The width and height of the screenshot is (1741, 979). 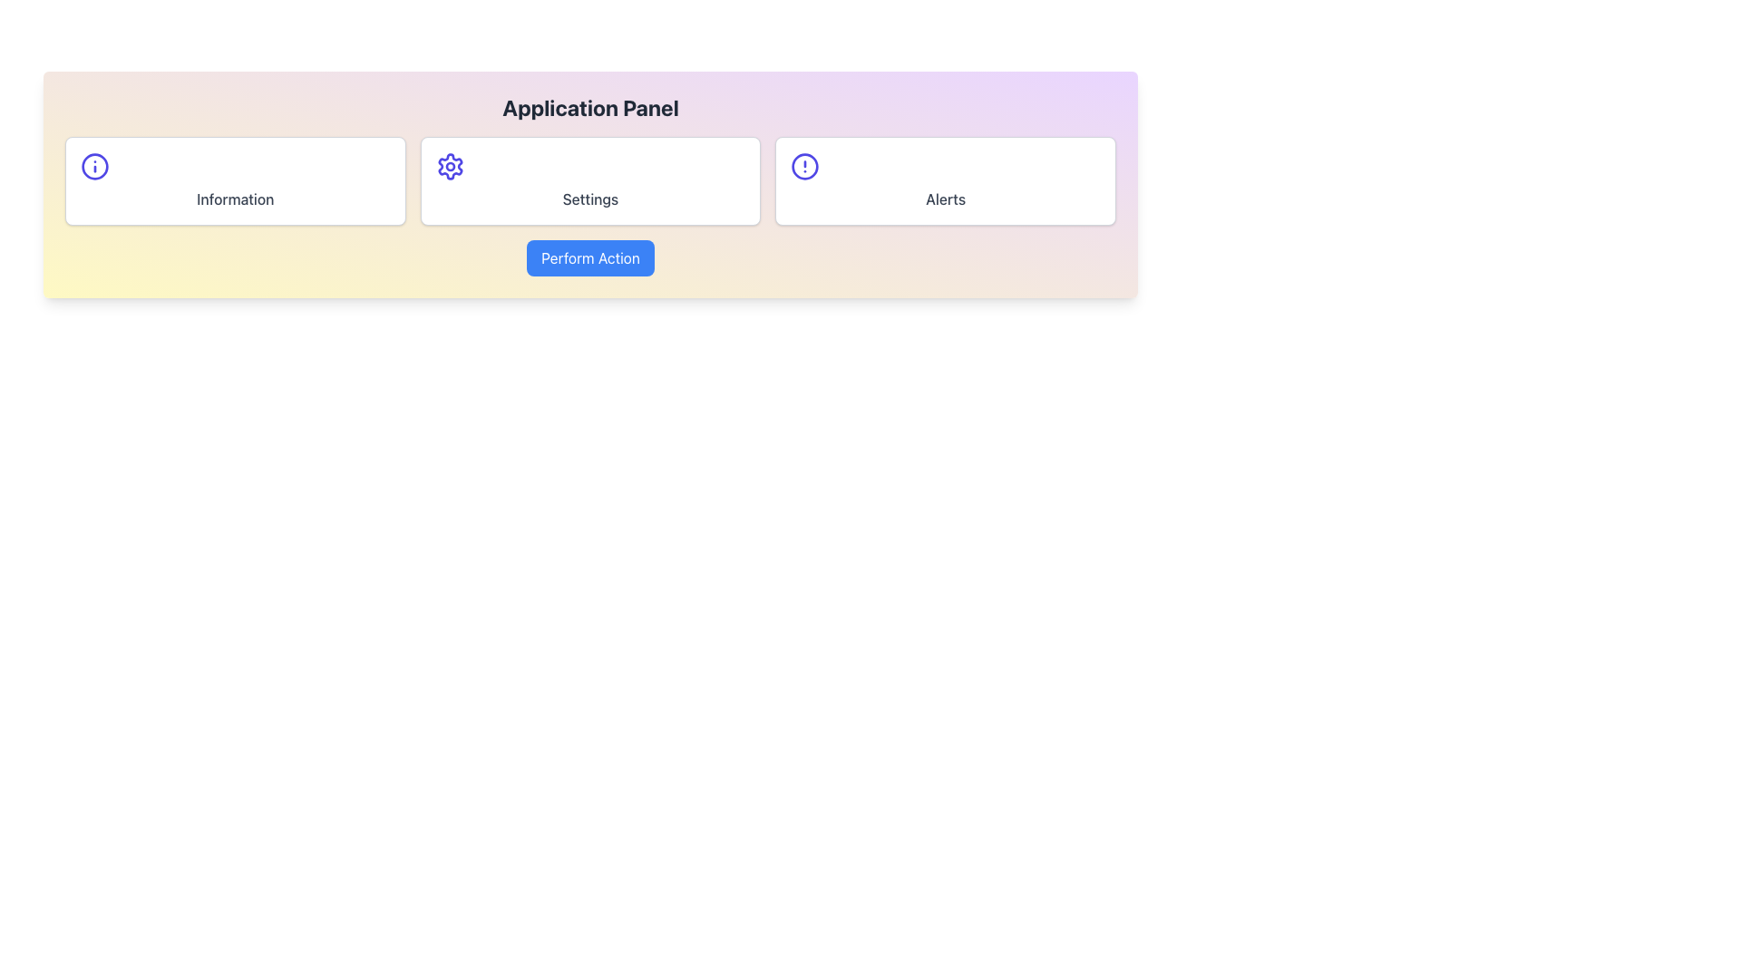 What do you see at coordinates (94, 167) in the screenshot?
I see `the informational icon located at the top of the 'Information' card, which is positioned on the leftmost side of a horizontal card layout` at bounding box center [94, 167].